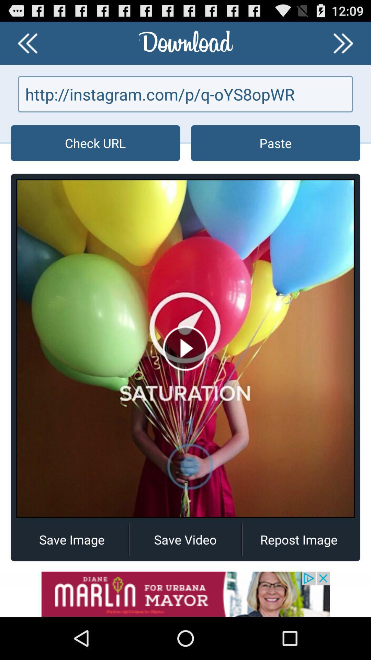 The width and height of the screenshot is (371, 660). Describe the element at coordinates (27, 43) in the screenshot. I see `go back` at that location.